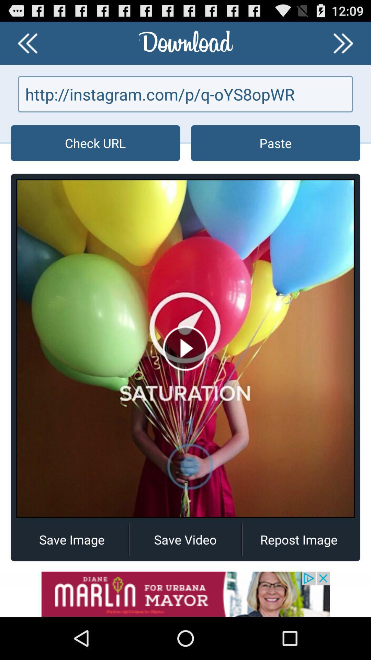 The width and height of the screenshot is (371, 660). Describe the element at coordinates (27, 43) in the screenshot. I see `go back` at that location.